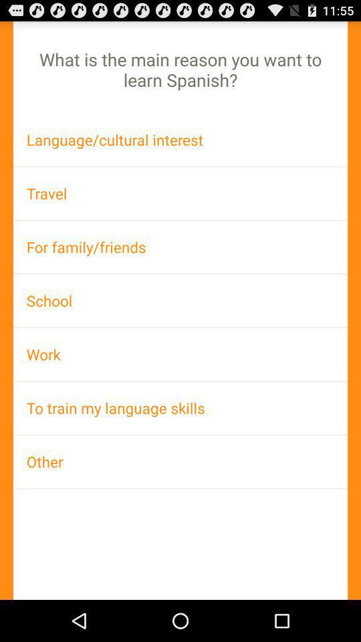 The width and height of the screenshot is (361, 642). What do you see at coordinates (180, 246) in the screenshot?
I see `for family/friends` at bounding box center [180, 246].